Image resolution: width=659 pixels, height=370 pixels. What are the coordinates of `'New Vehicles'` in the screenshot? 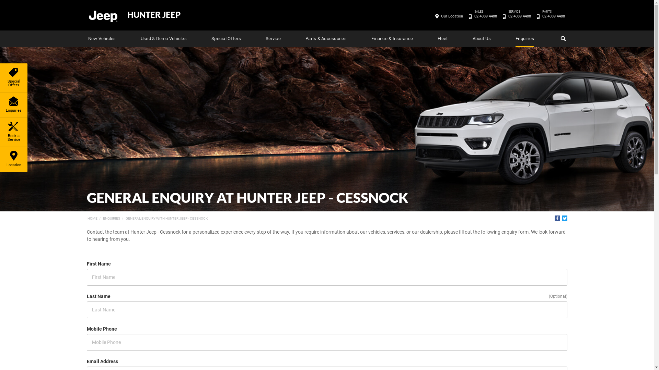 It's located at (101, 38).